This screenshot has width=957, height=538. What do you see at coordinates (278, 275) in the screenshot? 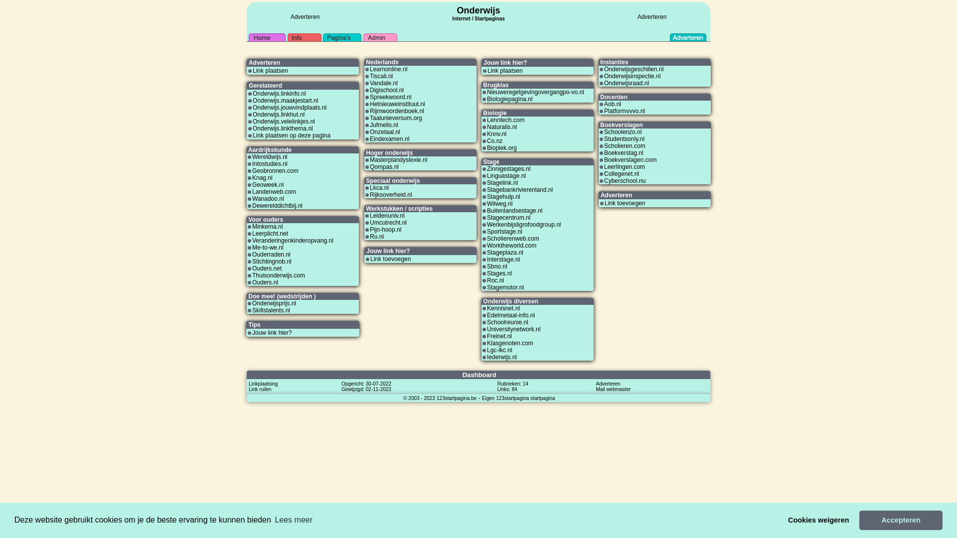
I see `'Thuisonderwijs.com'` at bounding box center [278, 275].